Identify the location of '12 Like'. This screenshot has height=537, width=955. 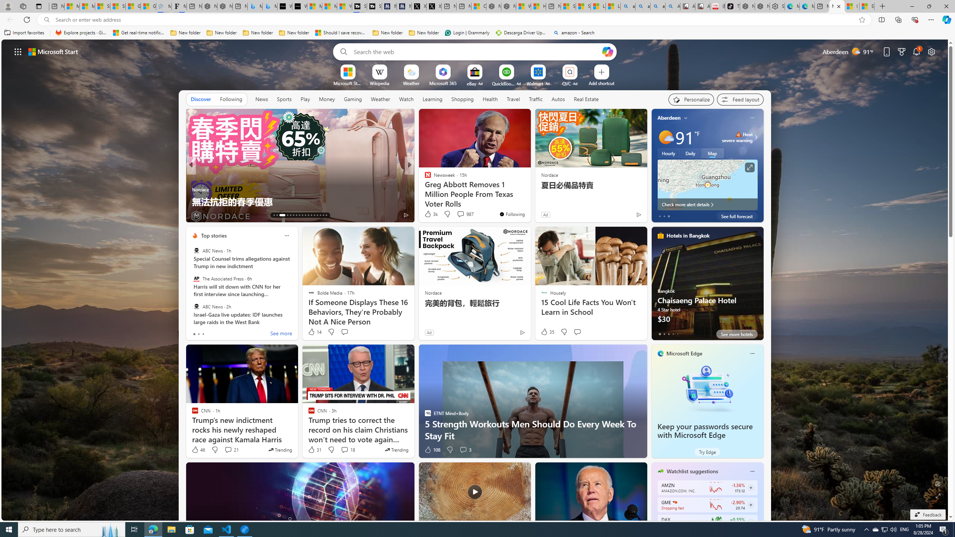
(428, 214).